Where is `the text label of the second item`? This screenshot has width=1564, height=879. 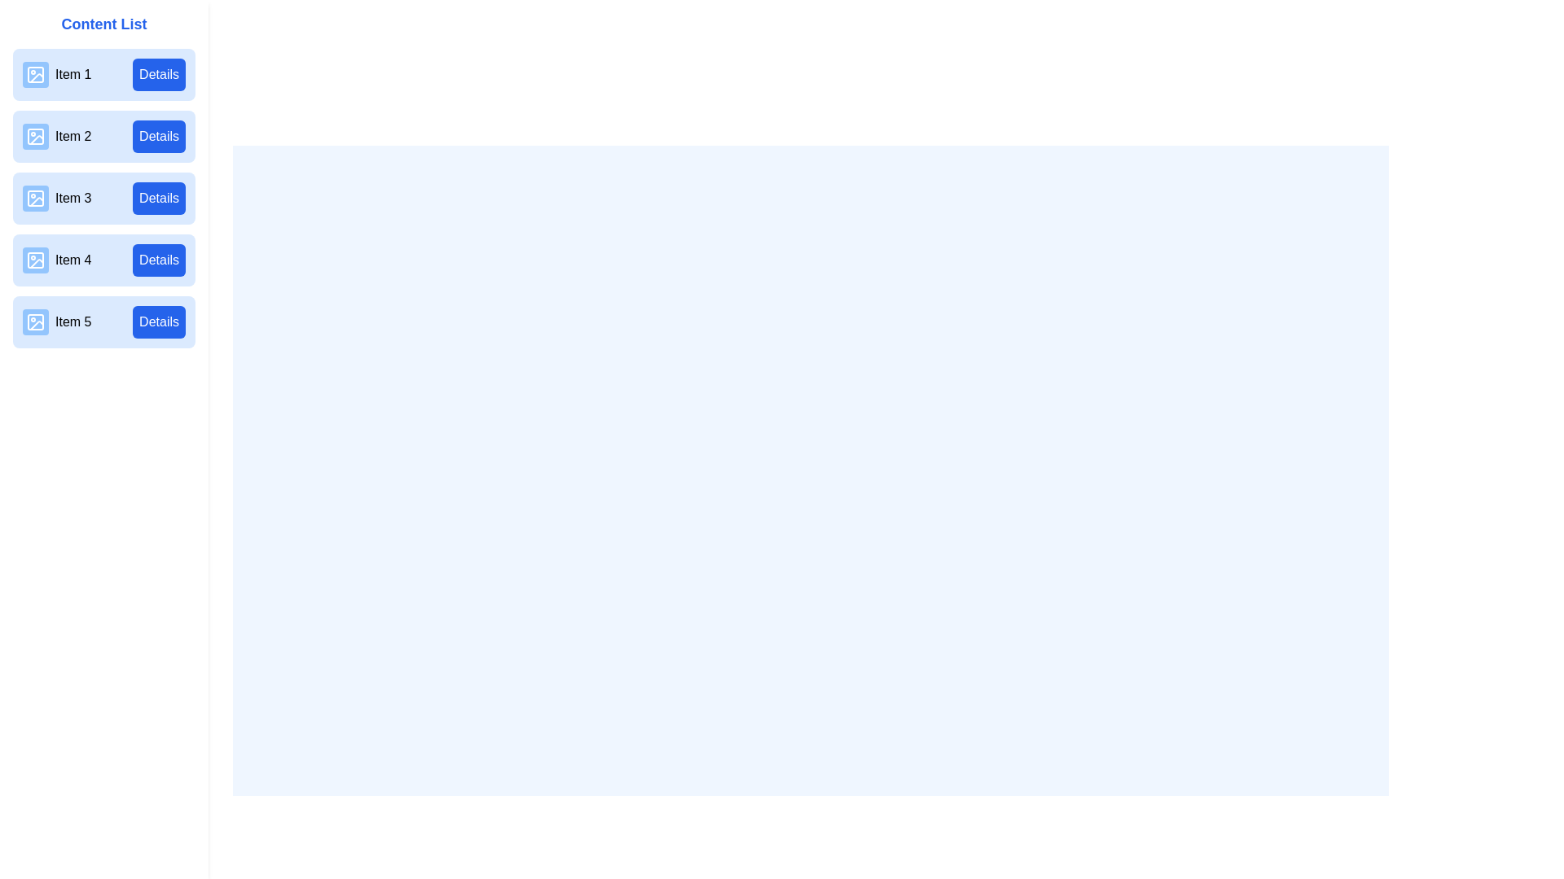
the text label of the second item is located at coordinates (57, 136).